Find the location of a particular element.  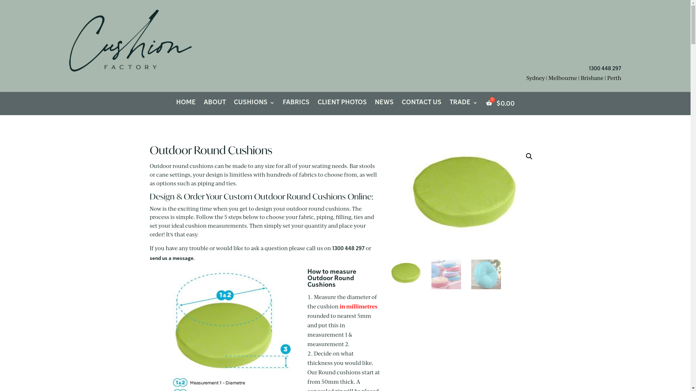

'TRADE' is located at coordinates (463, 105).